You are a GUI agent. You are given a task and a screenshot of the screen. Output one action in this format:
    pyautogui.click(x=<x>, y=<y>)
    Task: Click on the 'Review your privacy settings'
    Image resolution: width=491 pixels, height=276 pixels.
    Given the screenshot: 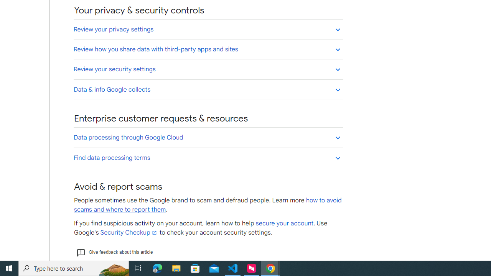 What is the action you would take?
    pyautogui.click(x=208, y=29)
    